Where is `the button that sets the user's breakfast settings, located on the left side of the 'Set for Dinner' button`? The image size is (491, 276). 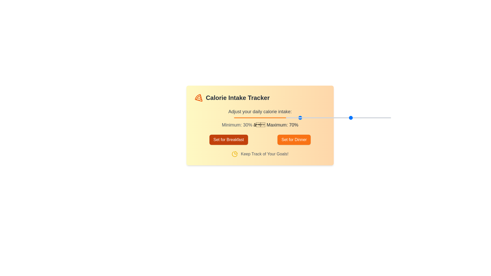
the button that sets the user's breakfast settings, located on the left side of the 'Set for Dinner' button is located at coordinates (228, 140).